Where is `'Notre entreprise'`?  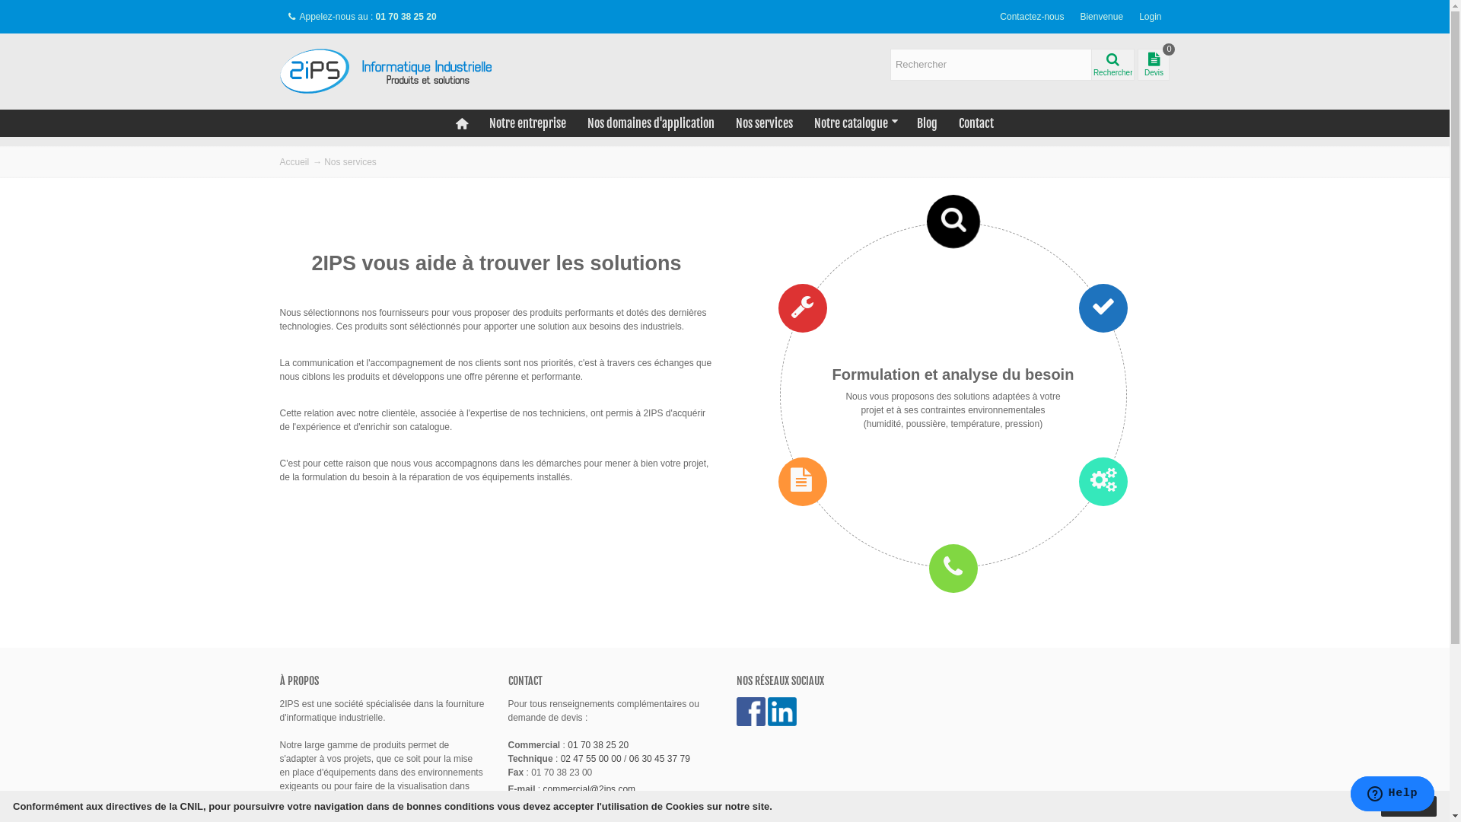
'Notre entreprise' is located at coordinates (527, 123).